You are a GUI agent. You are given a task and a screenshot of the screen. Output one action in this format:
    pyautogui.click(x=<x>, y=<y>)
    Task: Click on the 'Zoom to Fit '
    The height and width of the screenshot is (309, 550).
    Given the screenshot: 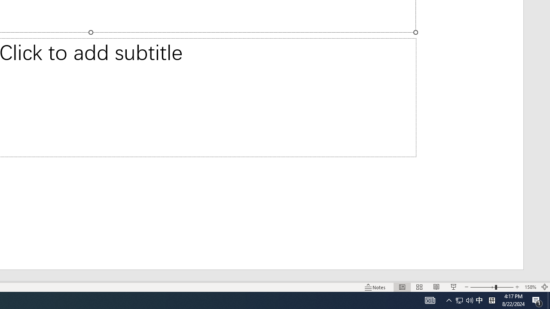 What is the action you would take?
    pyautogui.click(x=544, y=287)
    